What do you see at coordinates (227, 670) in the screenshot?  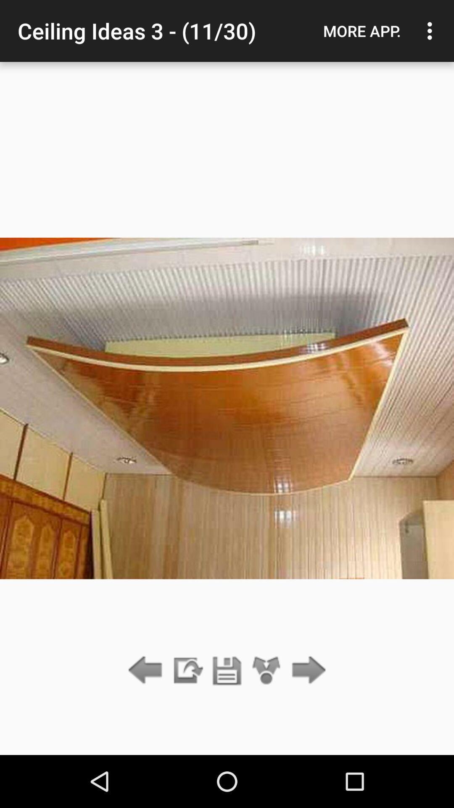 I see `app below ceiling ideas 3 item` at bounding box center [227, 670].